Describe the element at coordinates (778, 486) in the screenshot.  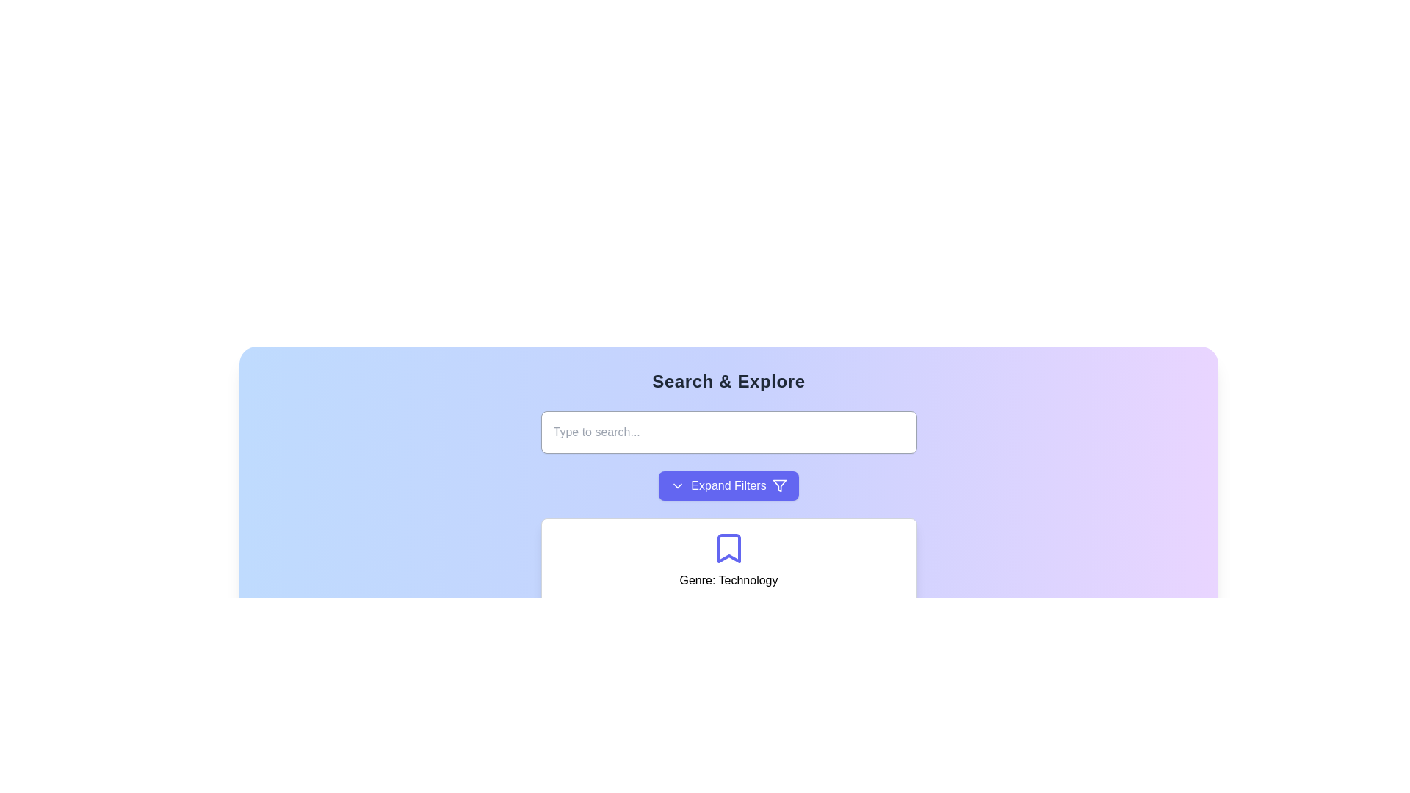
I see `the filtering icon located at the rightmost part of the 'Expand Filters' button, adjacent to the button's text label` at that location.